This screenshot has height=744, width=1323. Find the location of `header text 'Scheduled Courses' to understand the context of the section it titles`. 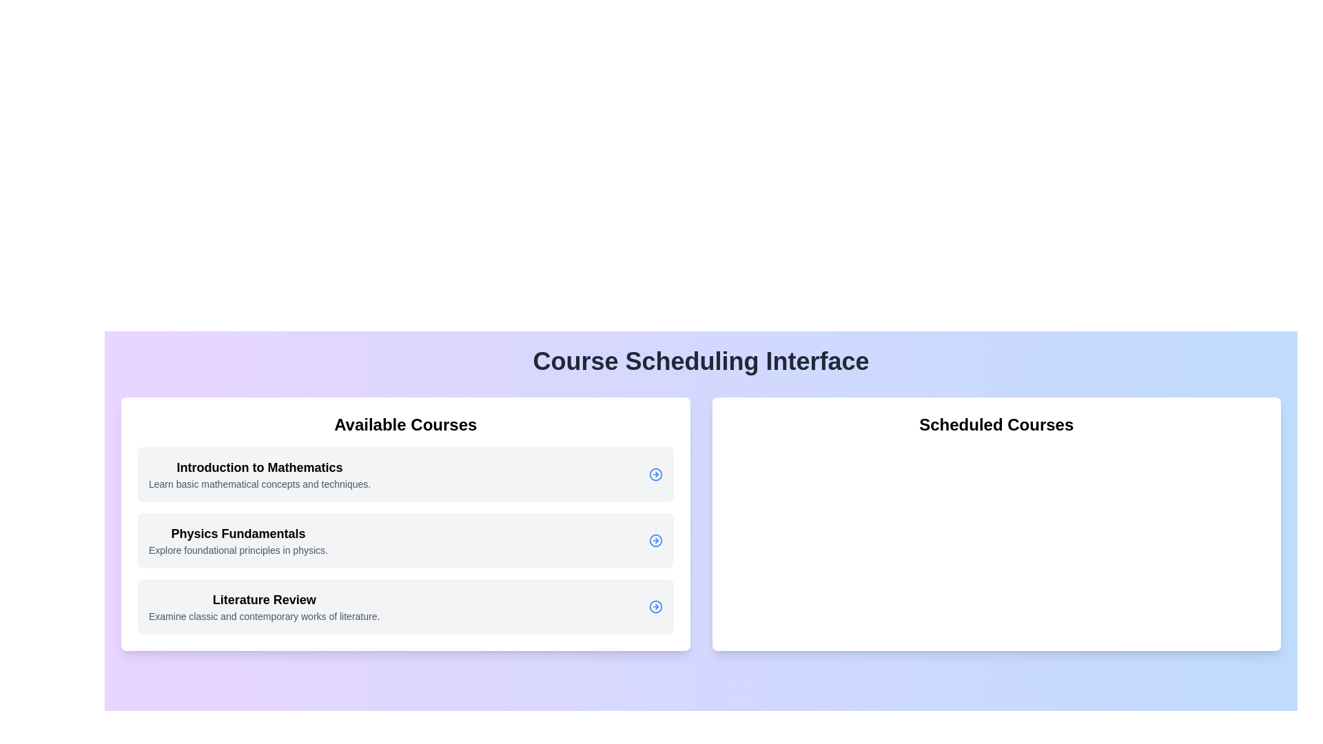

header text 'Scheduled Courses' to understand the context of the section it titles is located at coordinates (996, 424).